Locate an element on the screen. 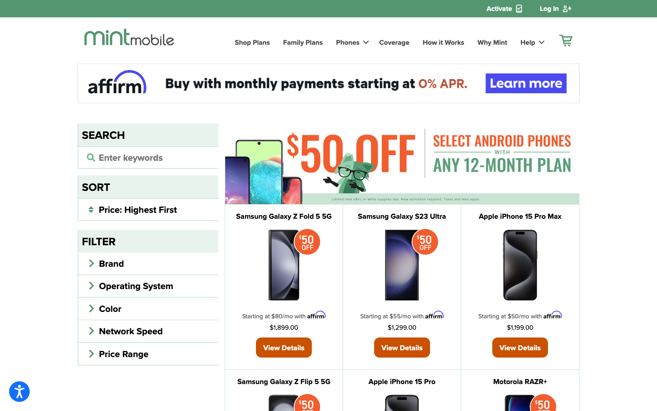 The height and width of the screenshot is (411, 657). View Samsung Galaxy Phone is located at coordinates (401, 216).